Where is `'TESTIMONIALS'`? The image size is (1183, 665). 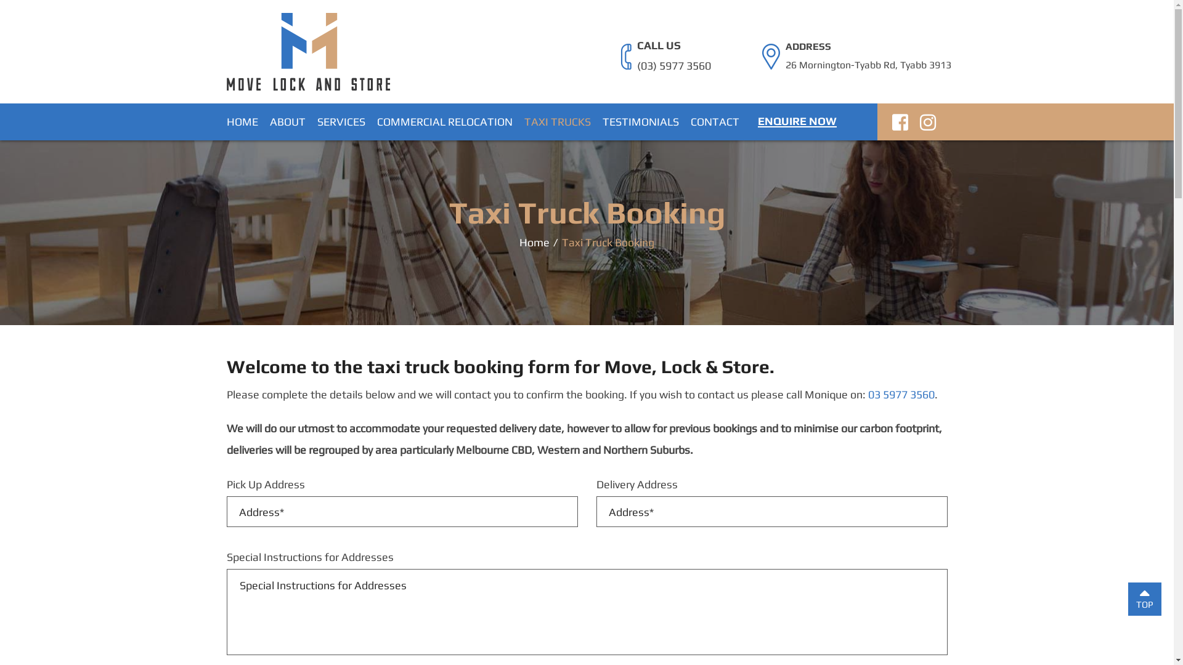
'TESTIMONIALS' is located at coordinates (641, 121).